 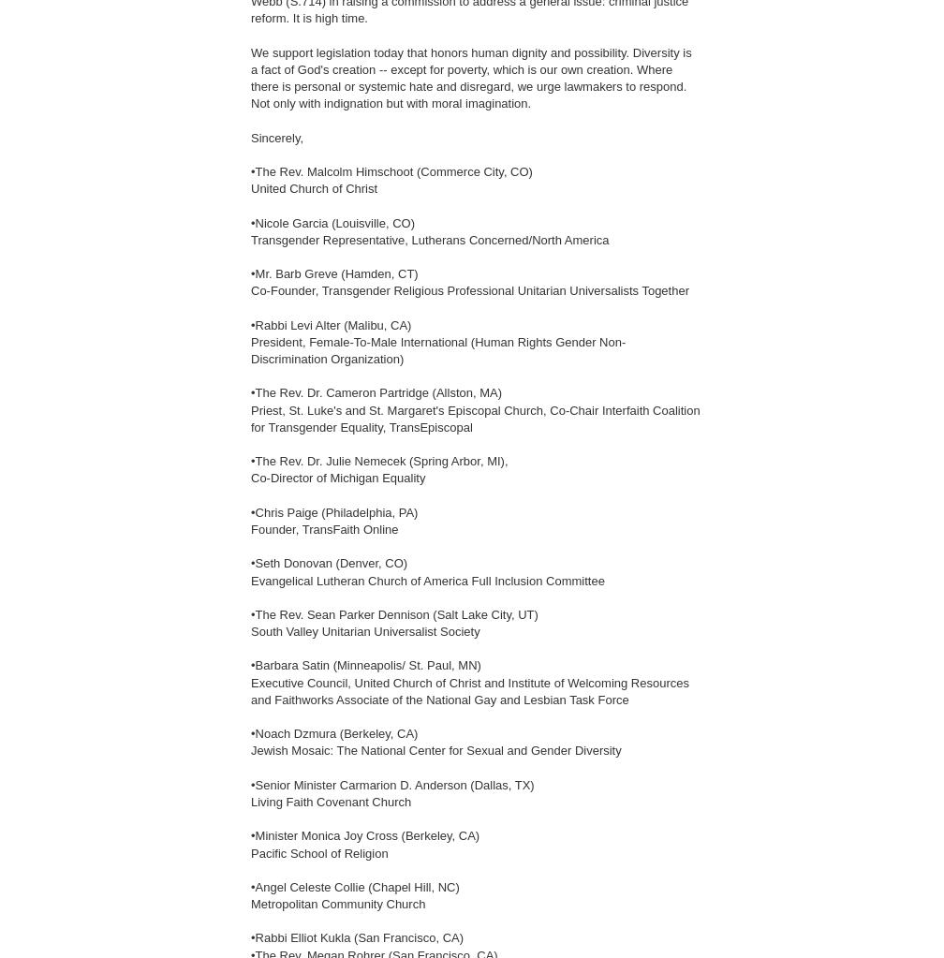 What do you see at coordinates (331, 800) in the screenshot?
I see `'Living Faith Covenant Church'` at bounding box center [331, 800].